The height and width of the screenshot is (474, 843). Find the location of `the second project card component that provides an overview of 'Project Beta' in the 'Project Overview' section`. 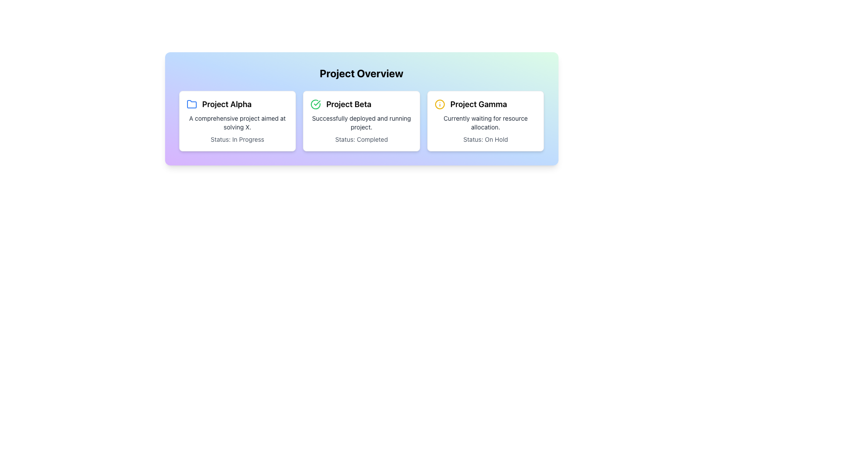

the second project card component that provides an overview of 'Project Beta' in the 'Project Overview' section is located at coordinates (361, 108).